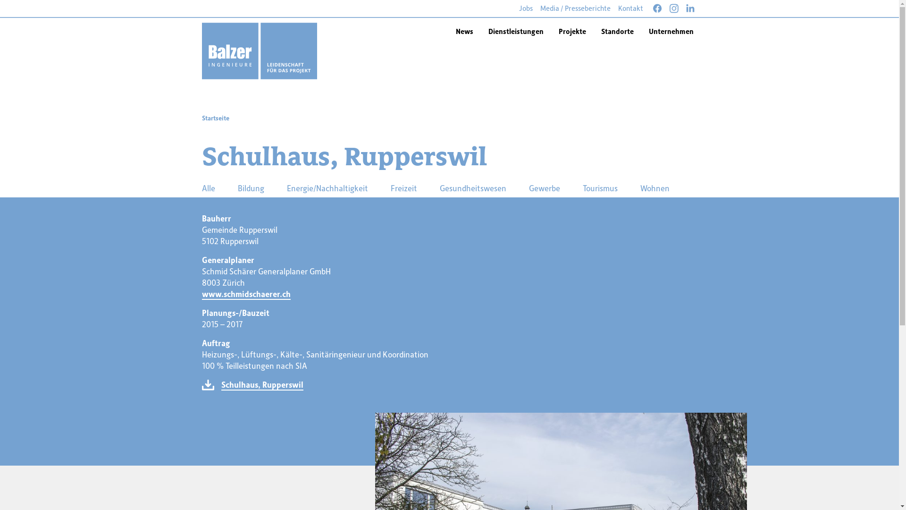  Describe the element at coordinates (432, 187) in the screenshot. I see `'Gesundheitswesen'` at that location.